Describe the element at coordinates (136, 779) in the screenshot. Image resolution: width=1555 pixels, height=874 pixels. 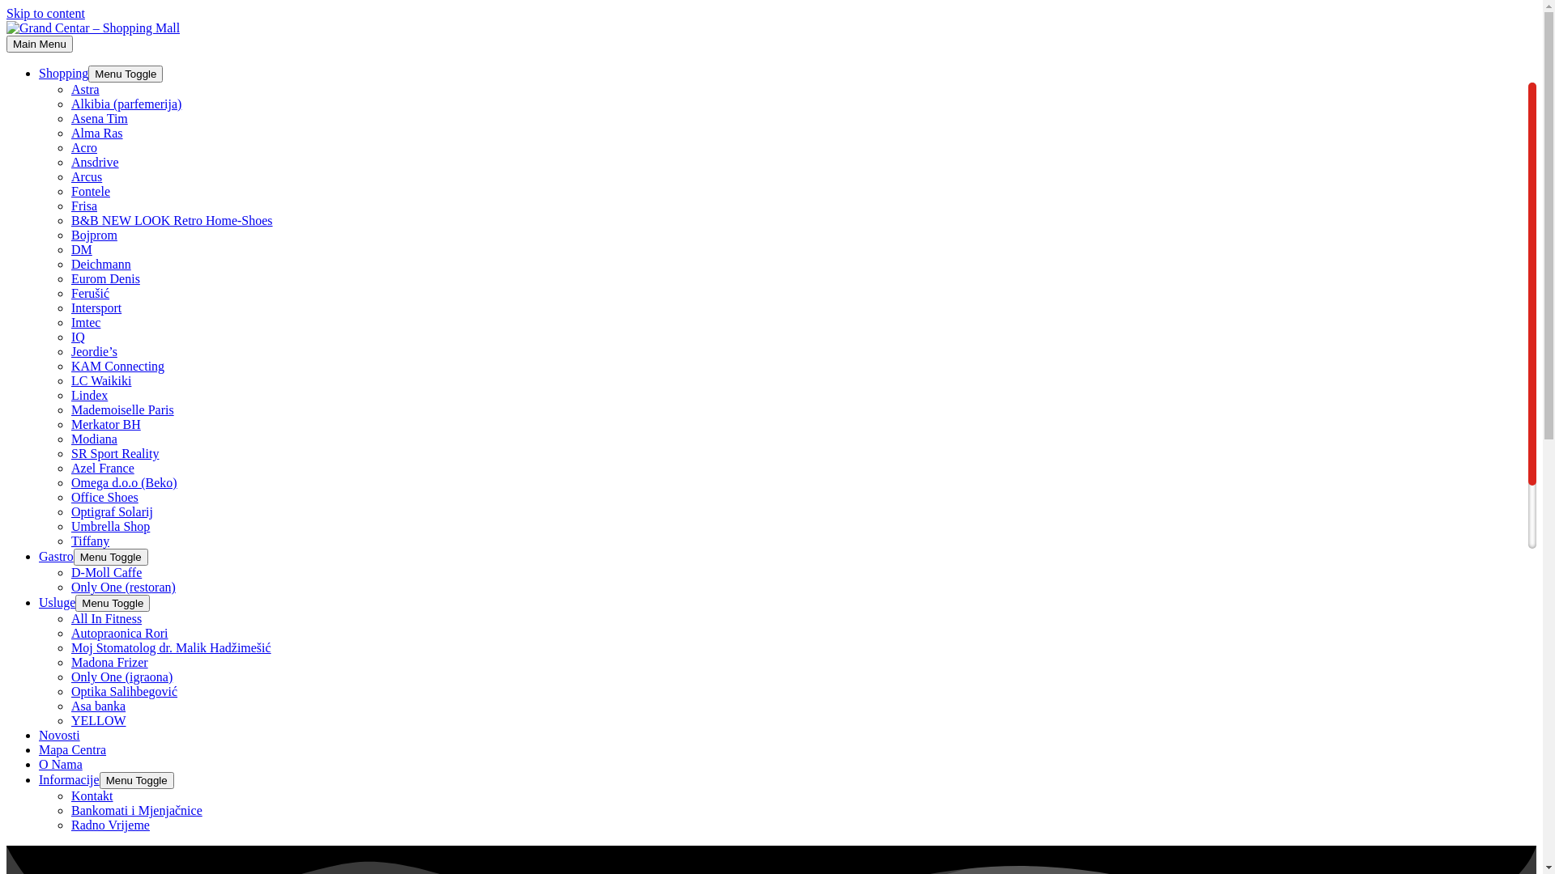
I see `'Menu Toggle'` at that location.